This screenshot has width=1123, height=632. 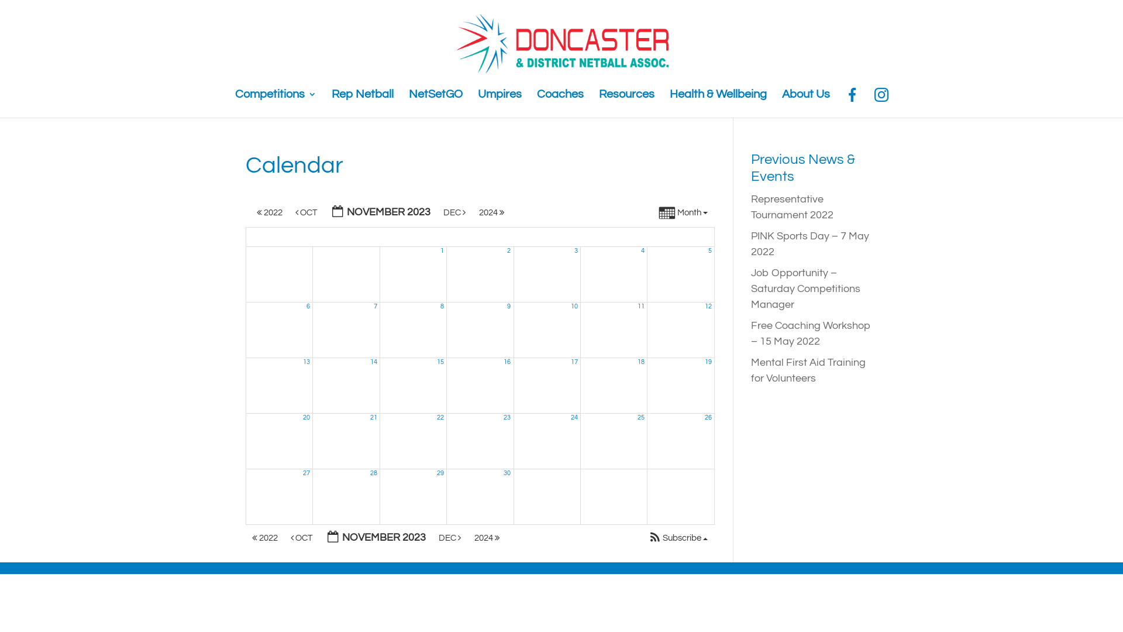 I want to click on '29', so click(x=440, y=472).